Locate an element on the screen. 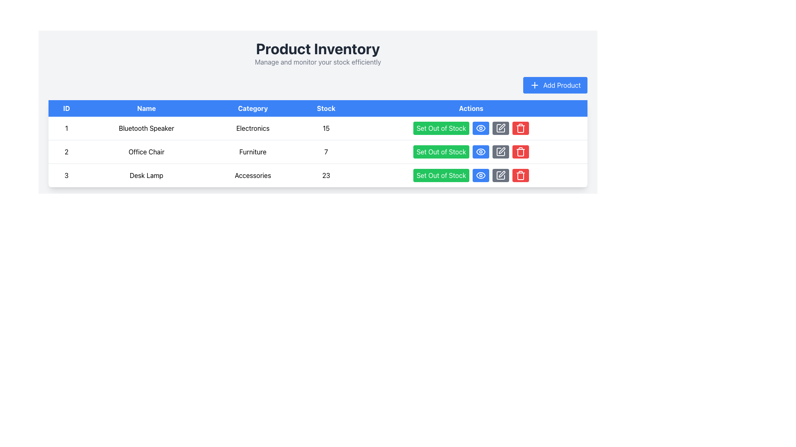 The width and height of the screenshot is (796, 447). the static text label displaying 'Office Chair', located in the second row under the 'Name' column of the table is located at coordinates (146, 151).